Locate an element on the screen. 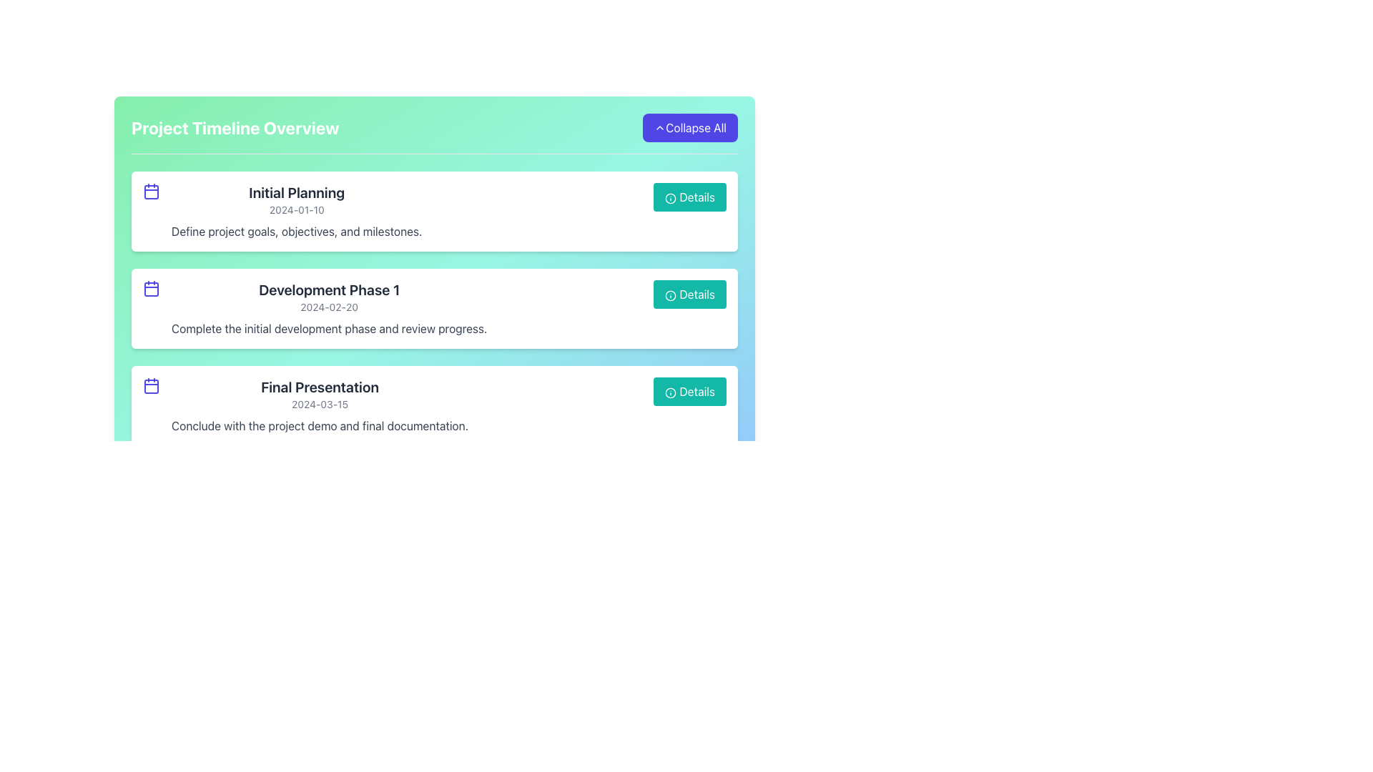 The height and width of the screenshot is (772, 1373). the text label displaying the date associated with the task 'Development Phase 1', which is located beneath the title 'Development Phase 1' and above the description in the second card of project phases is located at coordinates (328, 306).